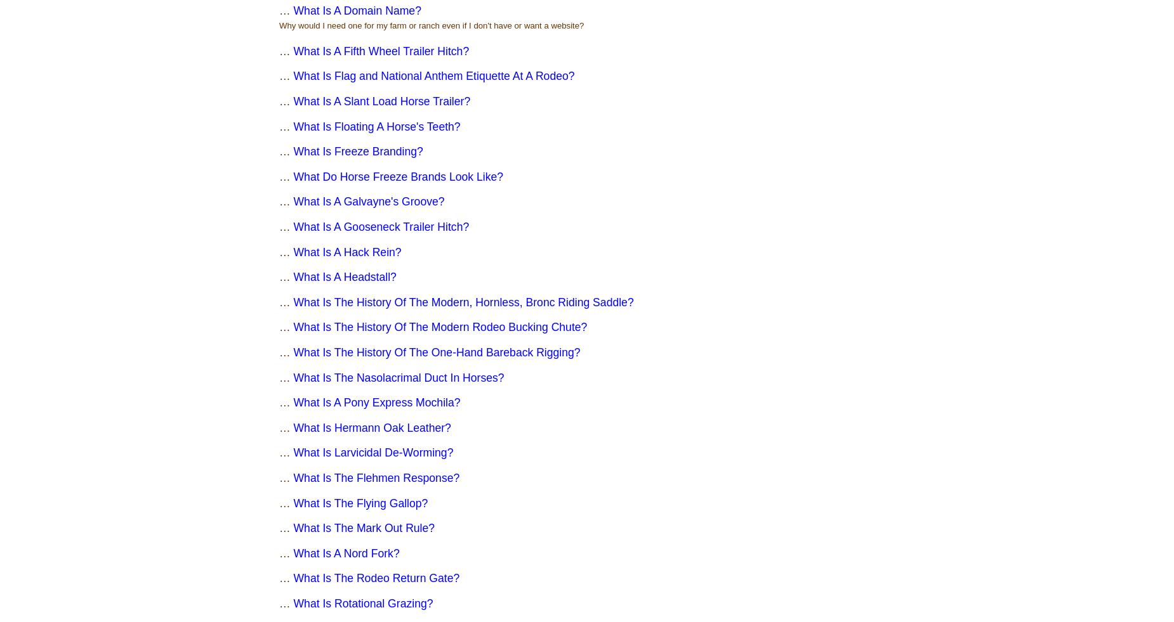 This screenshot has width=1174, height=622. What do you see at coordinates (347, 251) in the screenshot?
I see `'What Is A Hack Rein?'` at bounding box center [347, 251].